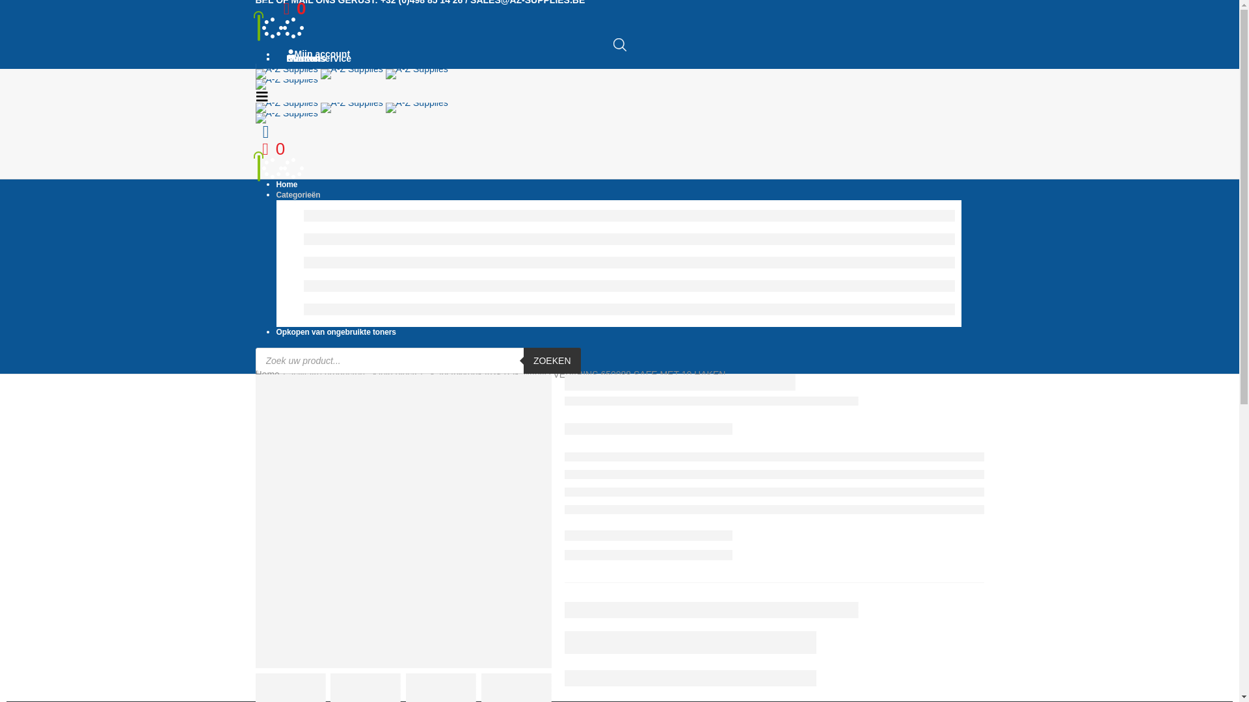 The width and height of the screenshot is (1249, 702). I want to click on 'A-Z Supplies - ', so click(351, 78).